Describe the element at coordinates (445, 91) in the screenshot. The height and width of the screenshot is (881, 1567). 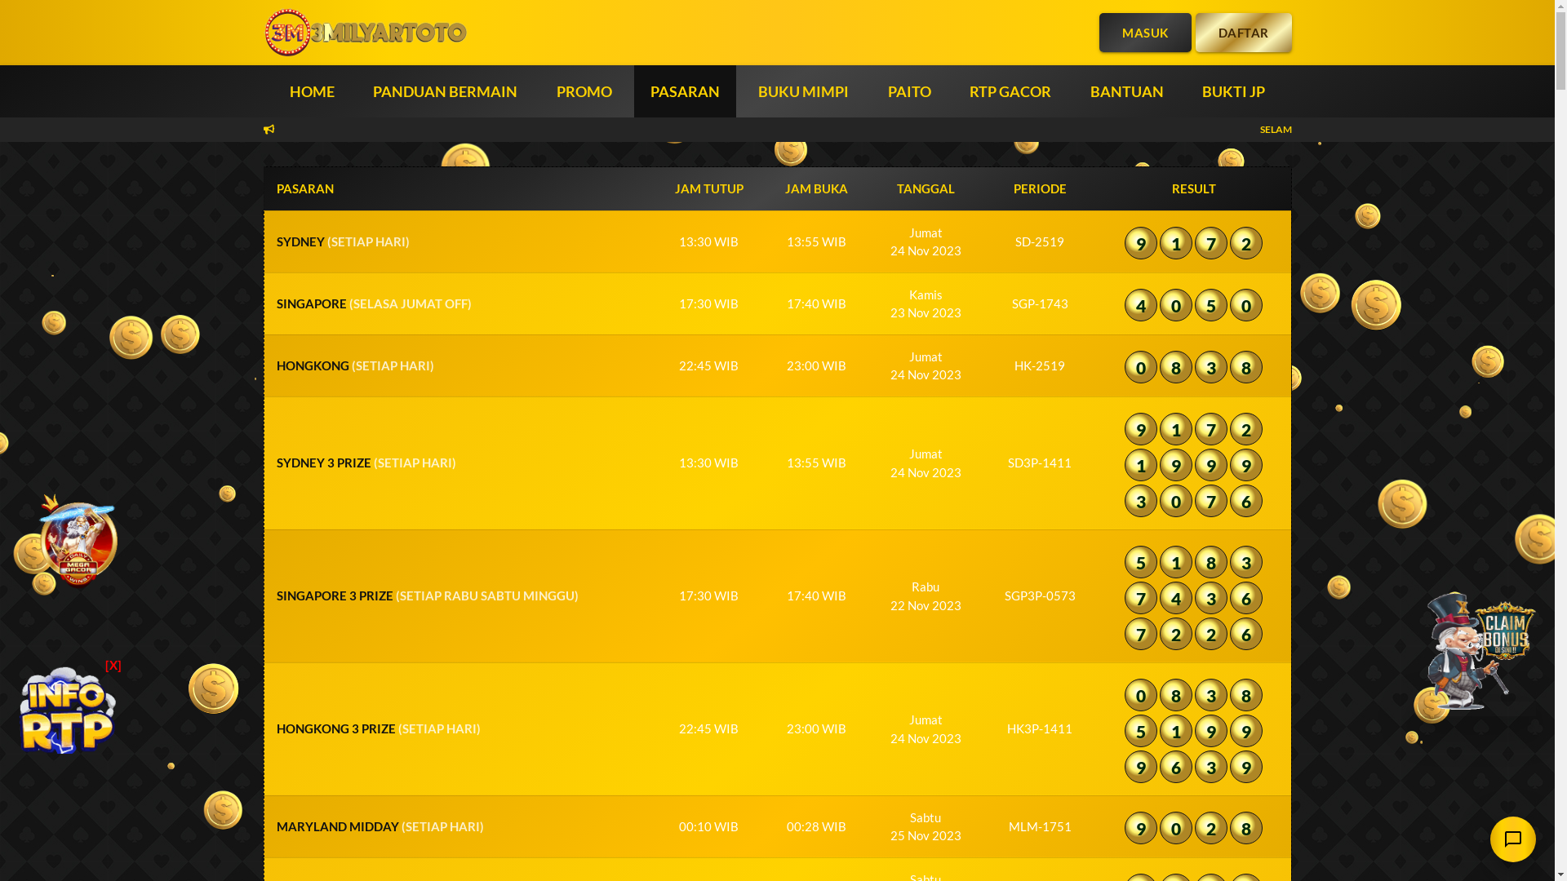
I see `'PANDUAN BERMAIN'` at that location.